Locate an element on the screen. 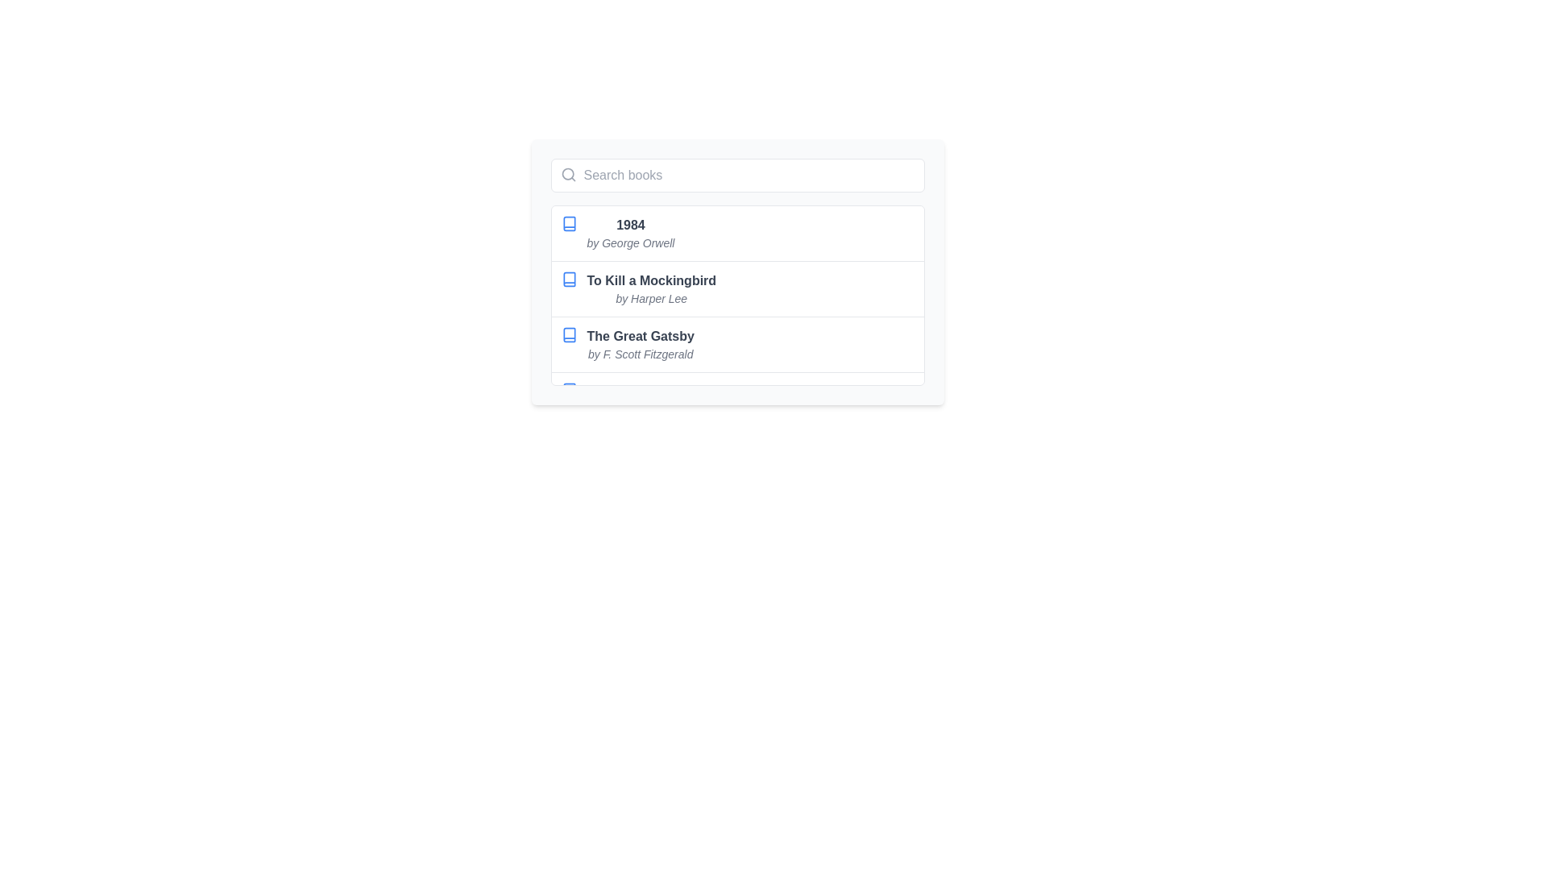 The image size is (1547, 870). the decorative SVG icon that represents the book 'To Kill a Mockingbird' located in the second row of the list, to the far left of the text 'To Kill a Mockingbird' by 'Harper Lee' is located at coordinates (569, 279).